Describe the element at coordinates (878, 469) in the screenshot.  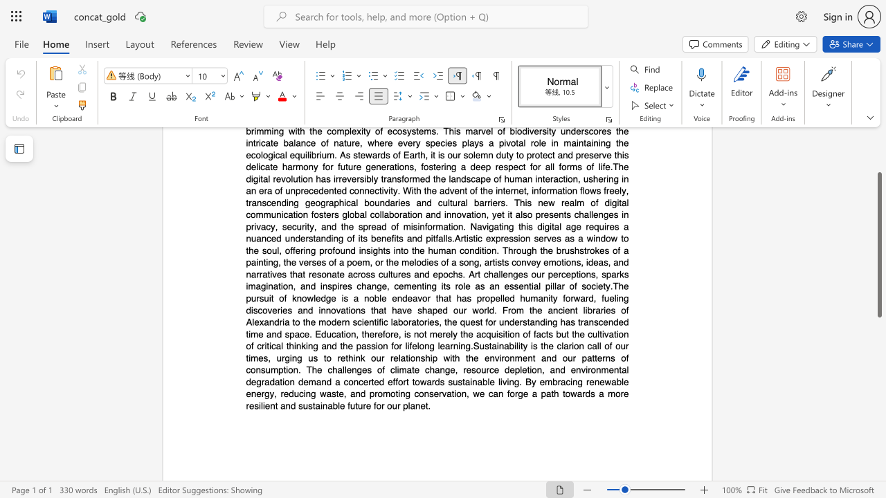
I see `the scrollbar to move the page down` at that location.